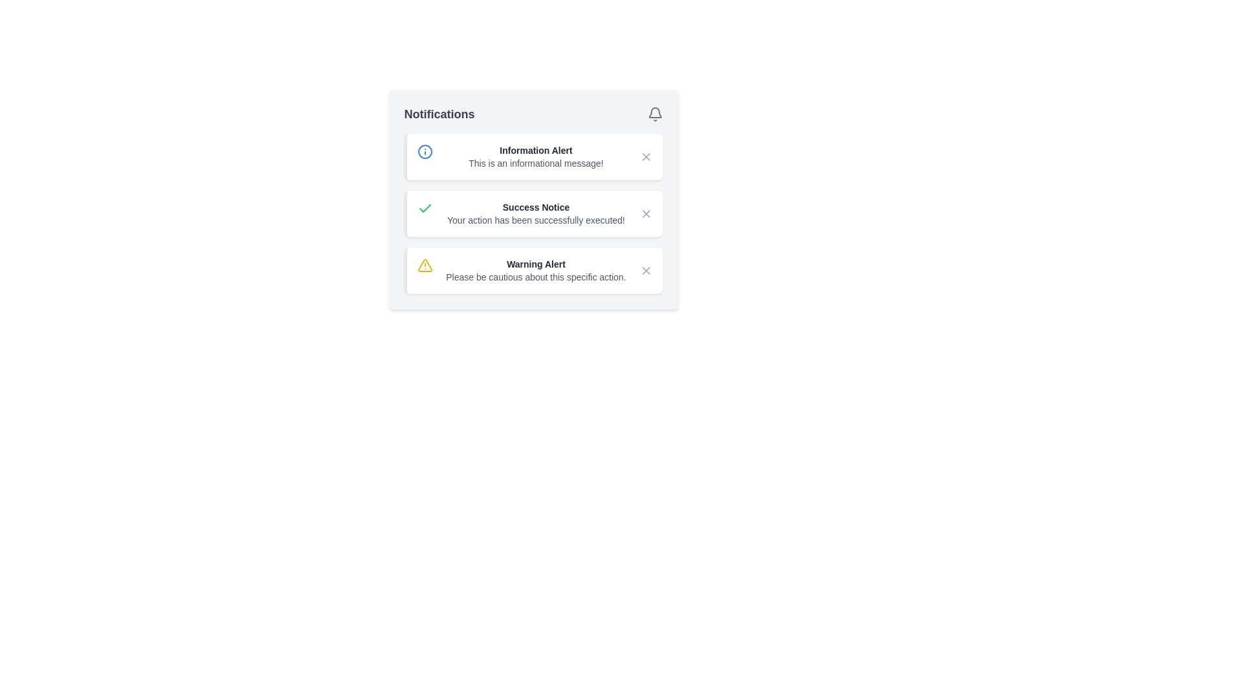 Image resolution: width=1241 pixels, height=698 pixels. Describe the element at coordinates (536, 276) in the screenshot. I see `cautionary note text label located at the bottom of the 'Warning Alert' card in the notification panel, directly below the bold 'Warning Alert' text and the warning icon` at that location.